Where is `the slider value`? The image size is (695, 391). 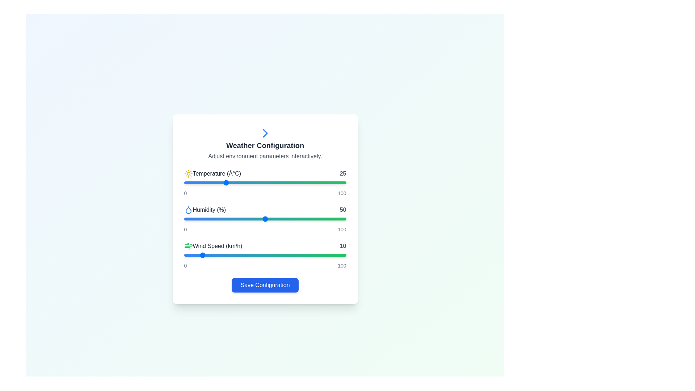
the slider value is located at coordinates (326, 219).